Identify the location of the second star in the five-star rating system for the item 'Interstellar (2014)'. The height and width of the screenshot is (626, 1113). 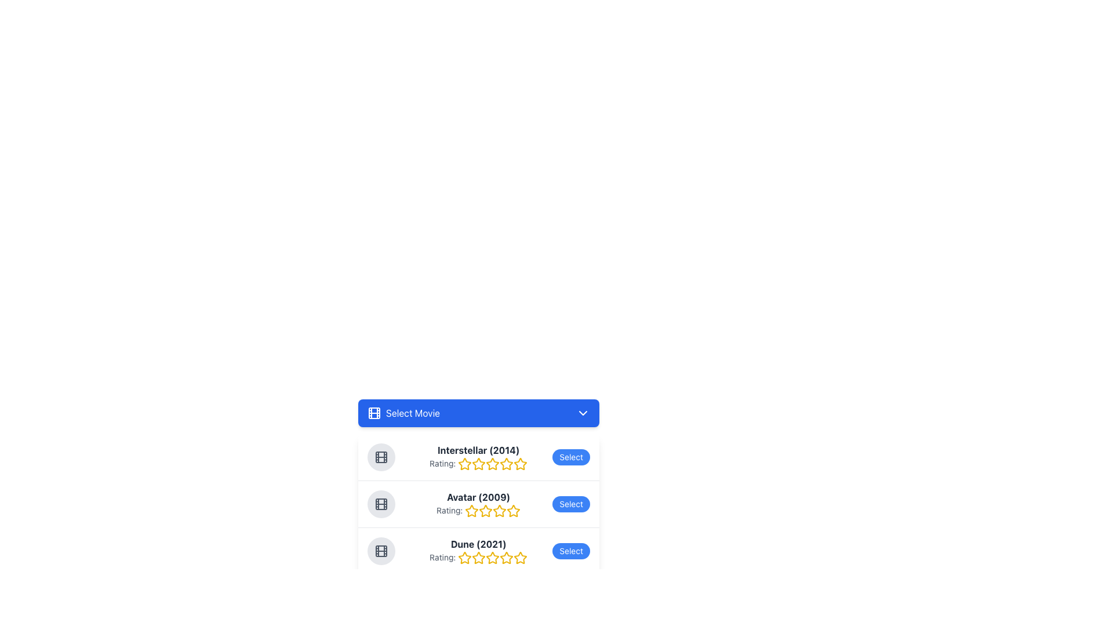
(478, 464).